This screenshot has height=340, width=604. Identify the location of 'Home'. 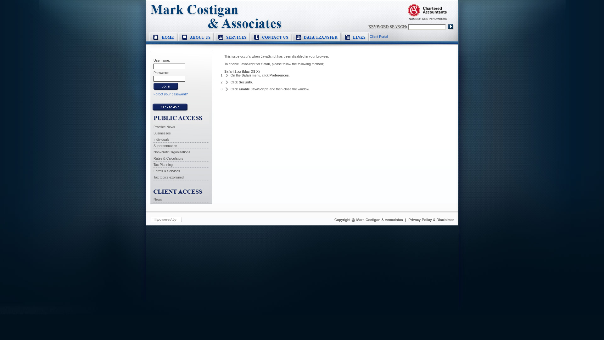
(162, 40).